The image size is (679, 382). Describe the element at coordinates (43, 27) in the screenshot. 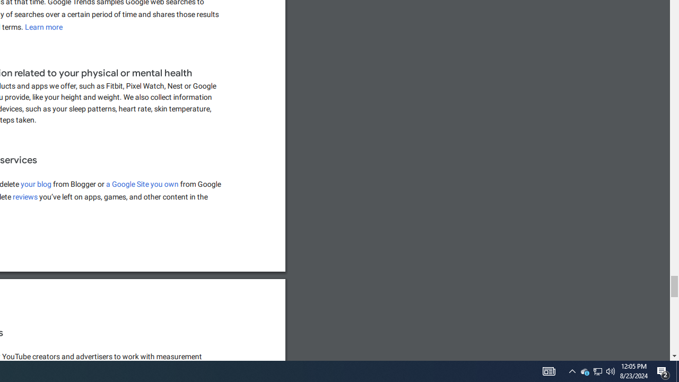

I see `'Learn more'` at that location.